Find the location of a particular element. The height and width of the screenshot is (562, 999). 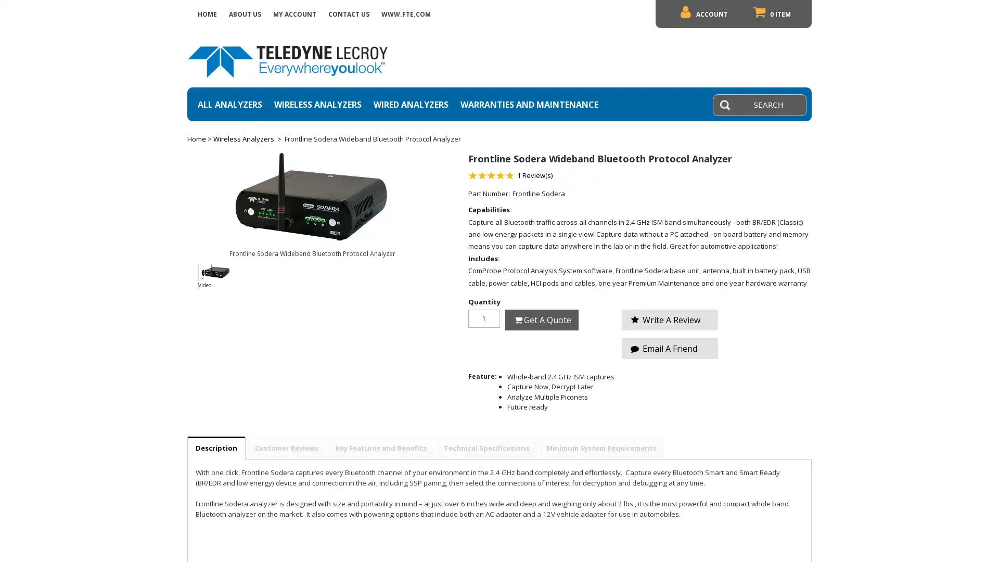

Email A Friend is located at coordinates (670, 348).